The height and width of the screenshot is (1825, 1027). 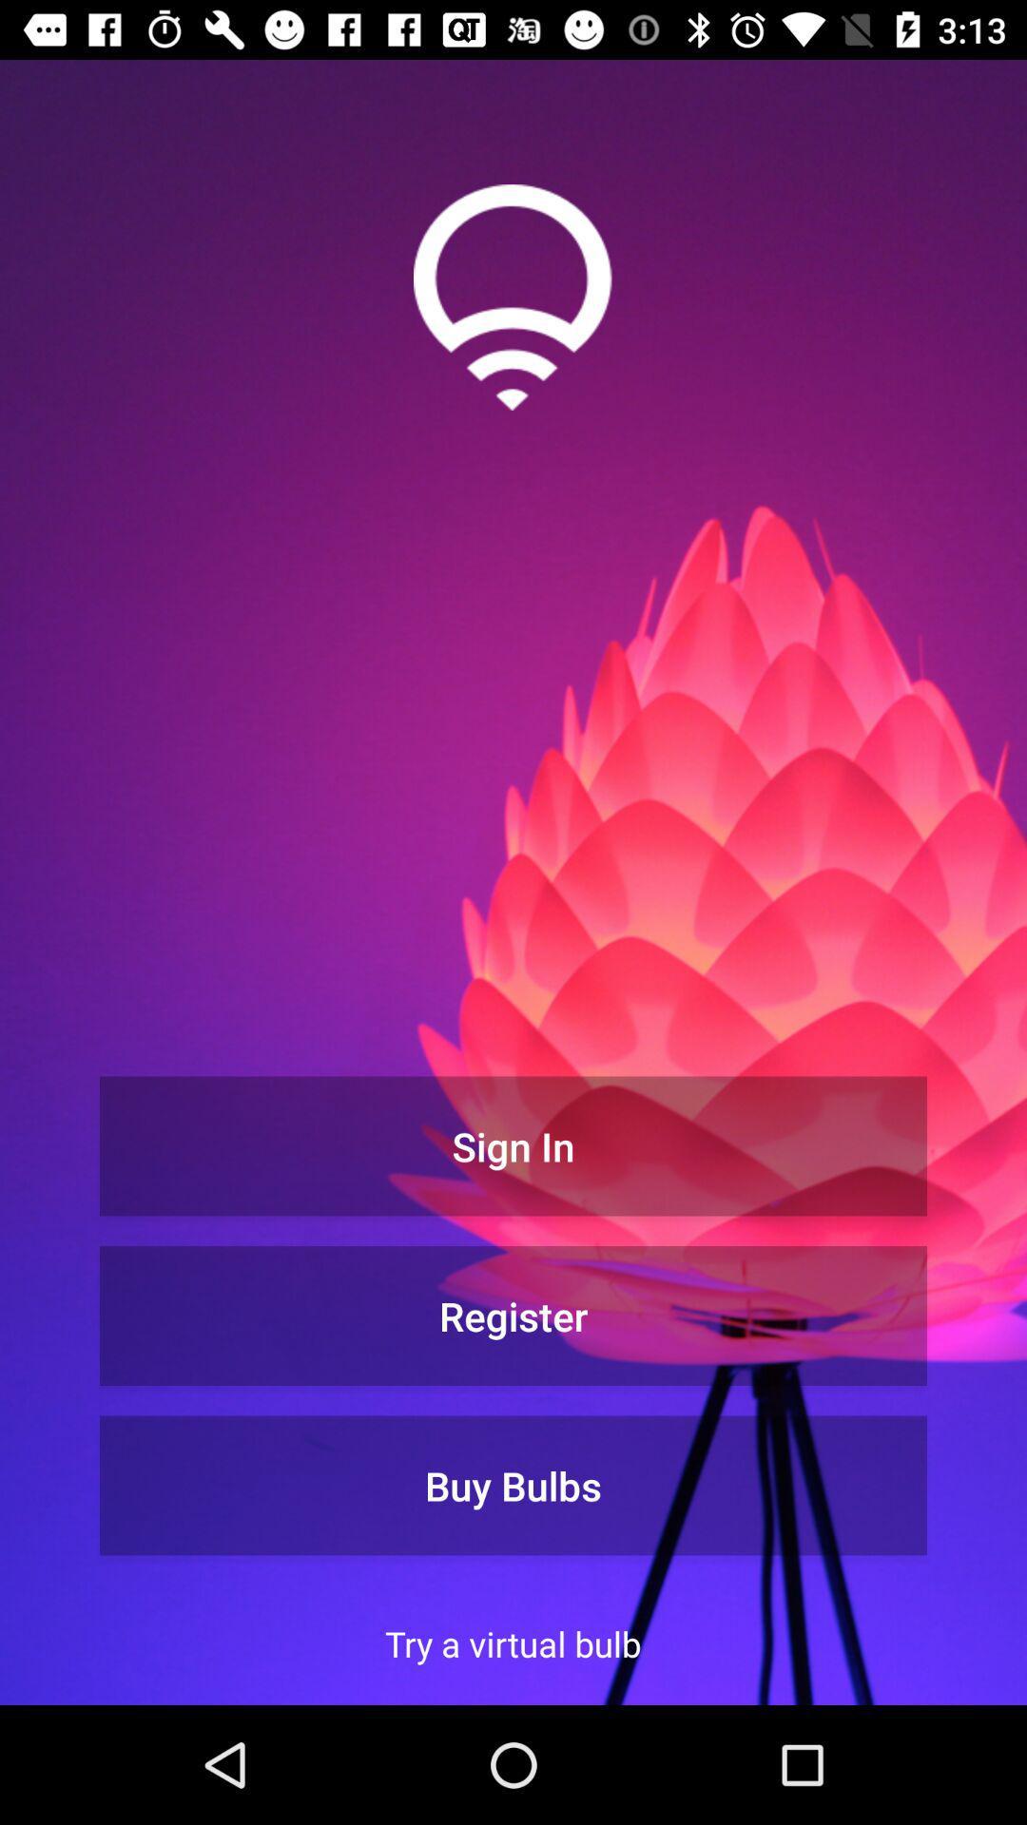 I want to click on the icon above the buy bulbs item, so click(x=513, y=1315).